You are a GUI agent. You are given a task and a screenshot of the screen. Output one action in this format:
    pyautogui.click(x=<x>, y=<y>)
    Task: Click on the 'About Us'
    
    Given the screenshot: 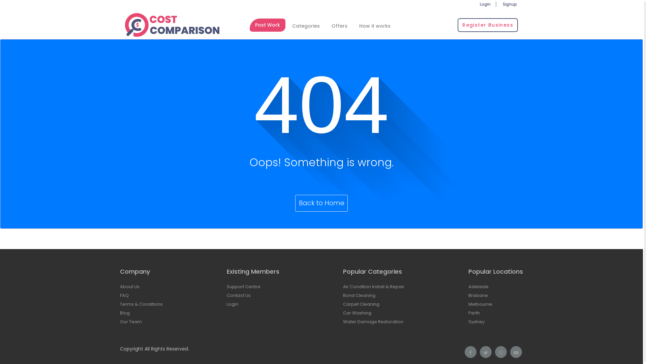 What is the action you would take?
    pyautogui.click(x=129, y=286)
    